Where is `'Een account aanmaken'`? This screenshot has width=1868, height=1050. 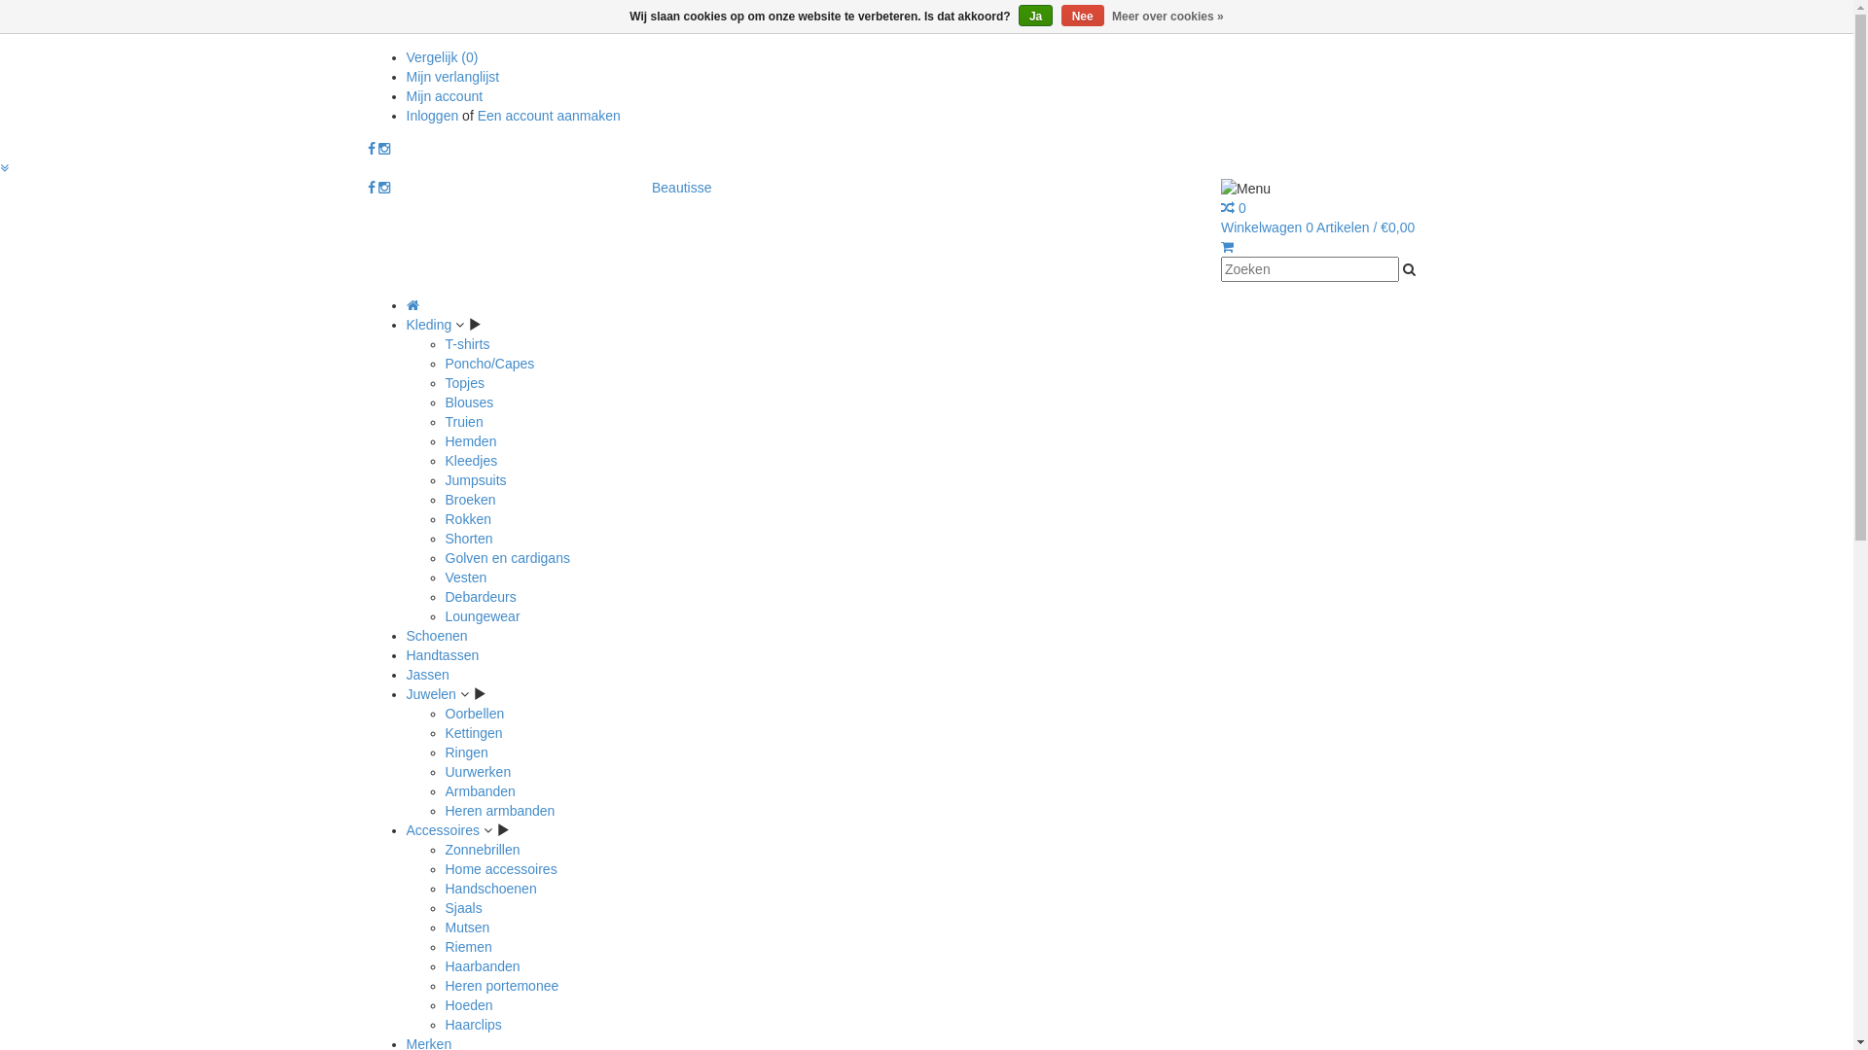 'Een account aanmaken' is located at coordinates (548, 116).